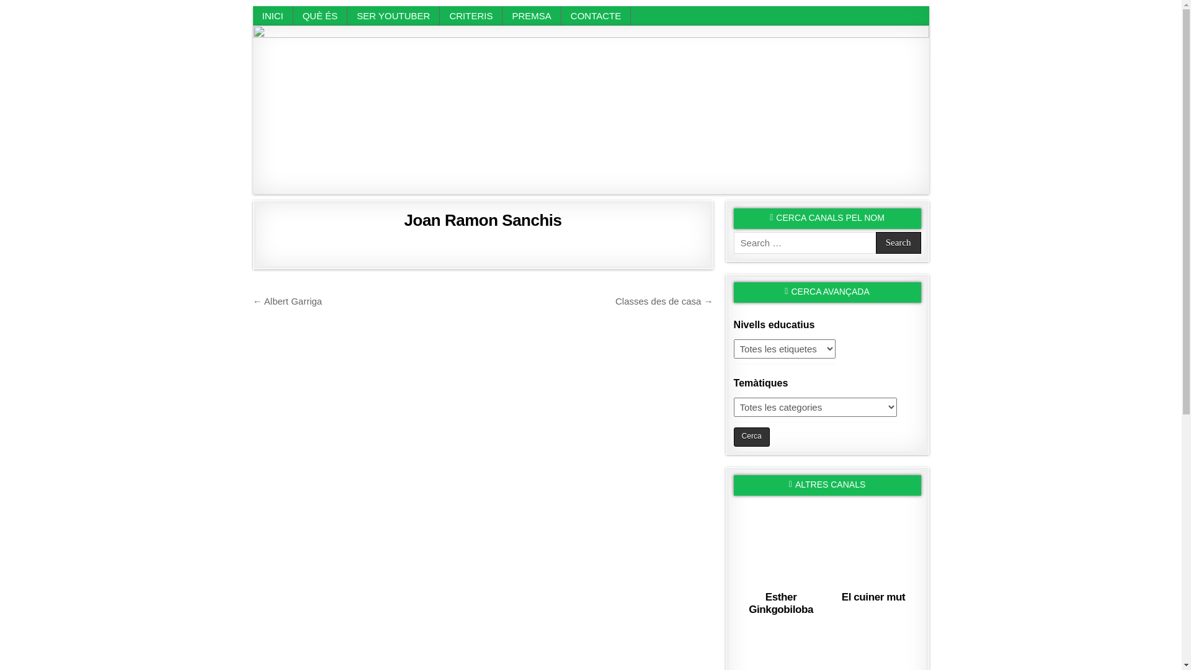  Describe the element at coordinates (272, 16) in the screenshot. I see `'INICI'` at that location.